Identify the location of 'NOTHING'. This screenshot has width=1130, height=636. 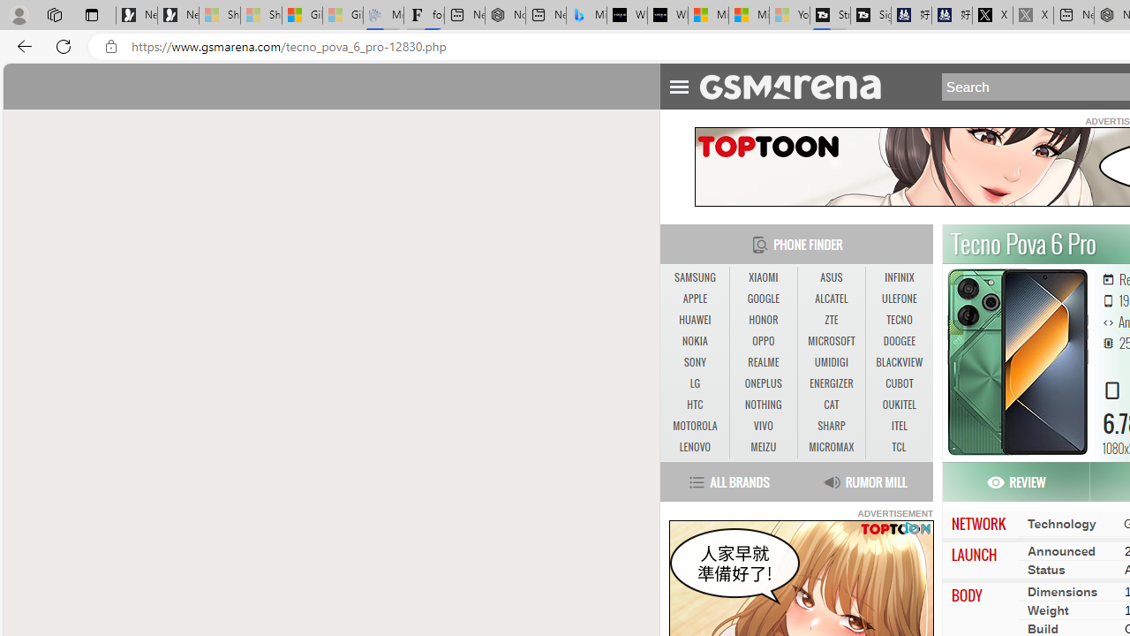
(763, 405).